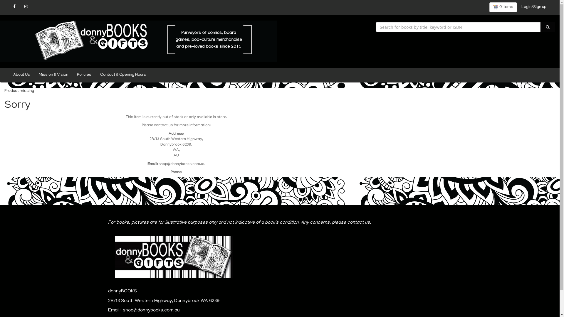  Describe the element at coordinates (122, 75) in the screenshot. I see `'Contact & Opening Hours'` at that location.